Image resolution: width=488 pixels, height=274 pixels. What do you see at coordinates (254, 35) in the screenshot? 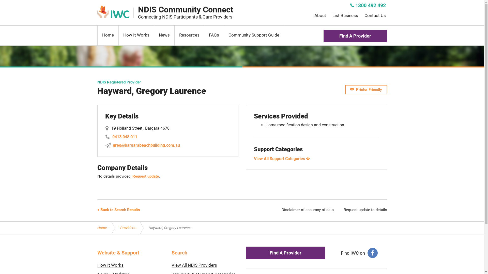
I see `'Community Support Guide'` at bounding box center [254, 35].